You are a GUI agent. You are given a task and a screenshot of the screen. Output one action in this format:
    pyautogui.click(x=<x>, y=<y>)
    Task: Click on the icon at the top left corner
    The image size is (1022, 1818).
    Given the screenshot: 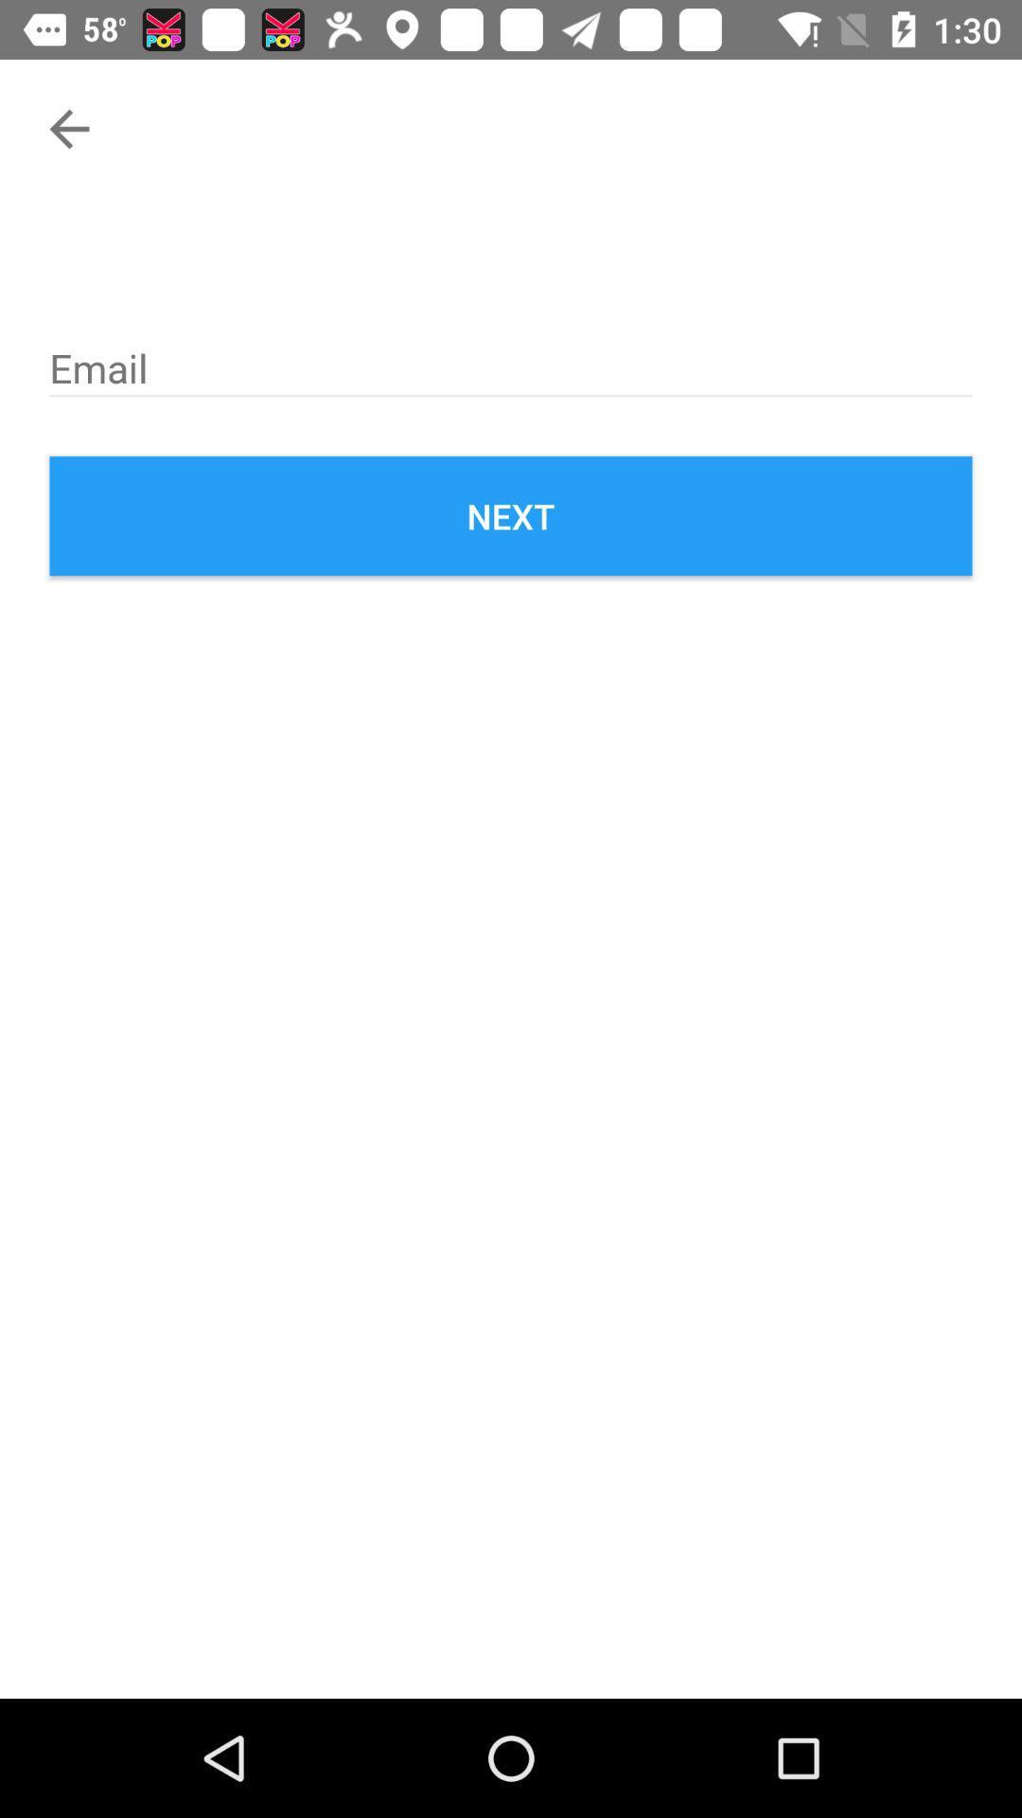 What is the action you would take?
    pyautogui.click(x=68, y=128)
    